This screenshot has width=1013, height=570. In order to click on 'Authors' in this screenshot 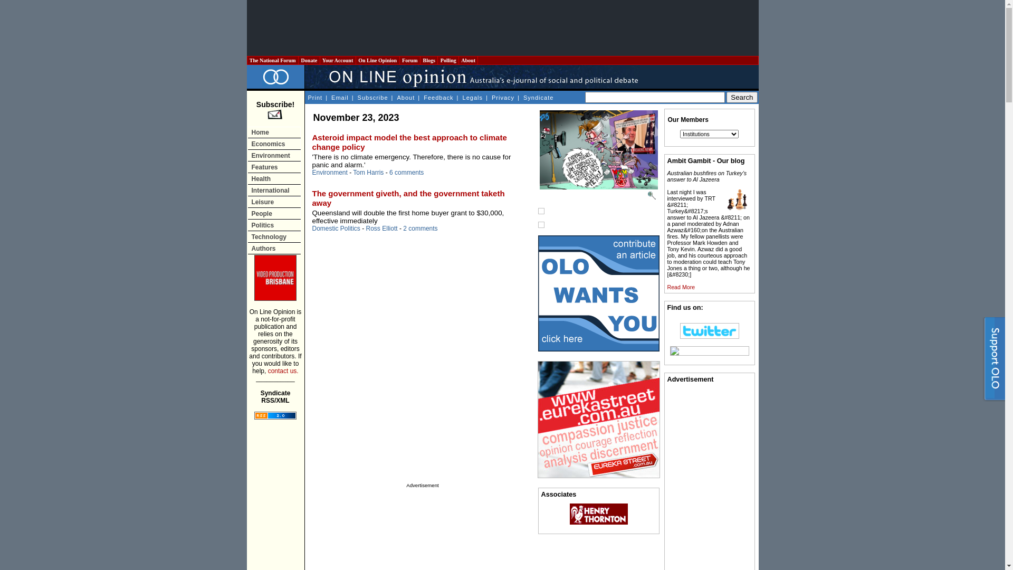, I will do `click(274, 248)`.